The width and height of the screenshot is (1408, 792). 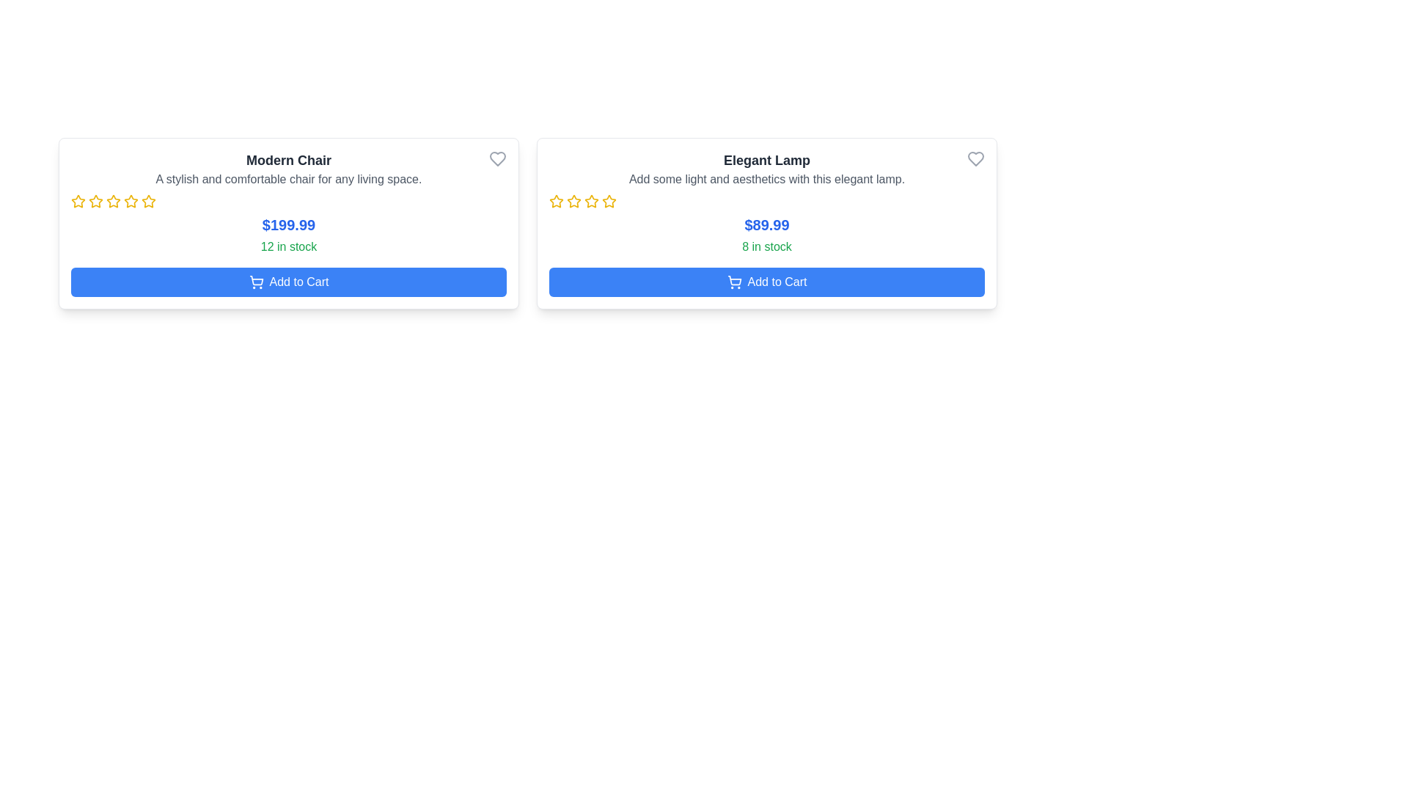 I want to click on the third yellow star icon in the rating section under the 'Elegant Lamp' title, so click(x=573, y=201).